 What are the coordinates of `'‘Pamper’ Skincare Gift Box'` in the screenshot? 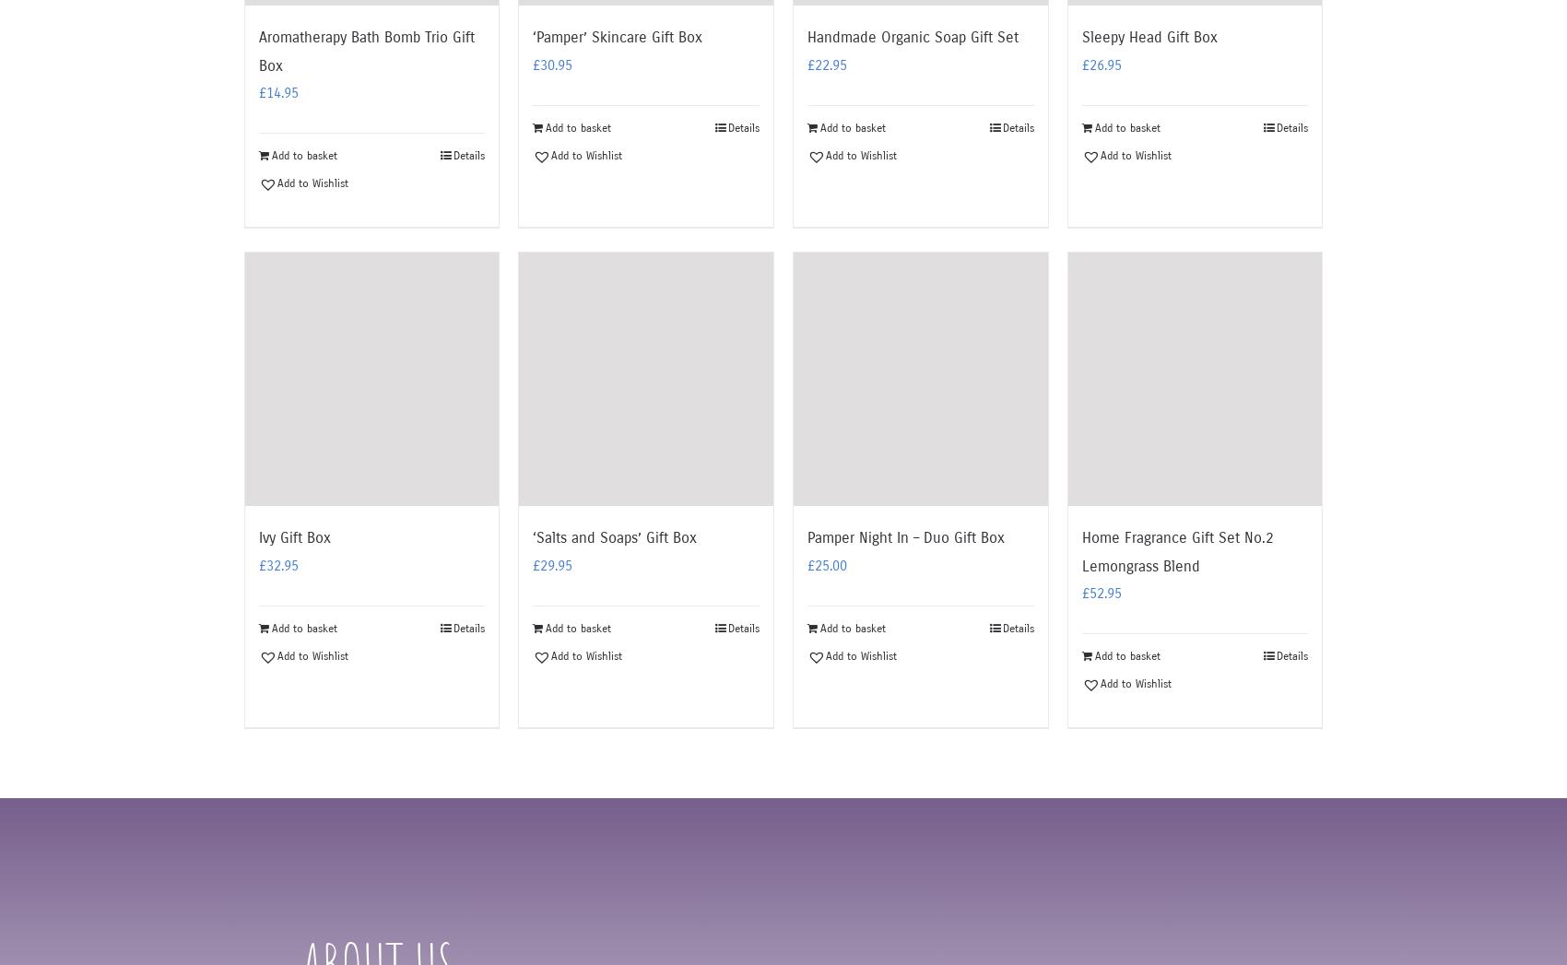 It's located at (617, 36).